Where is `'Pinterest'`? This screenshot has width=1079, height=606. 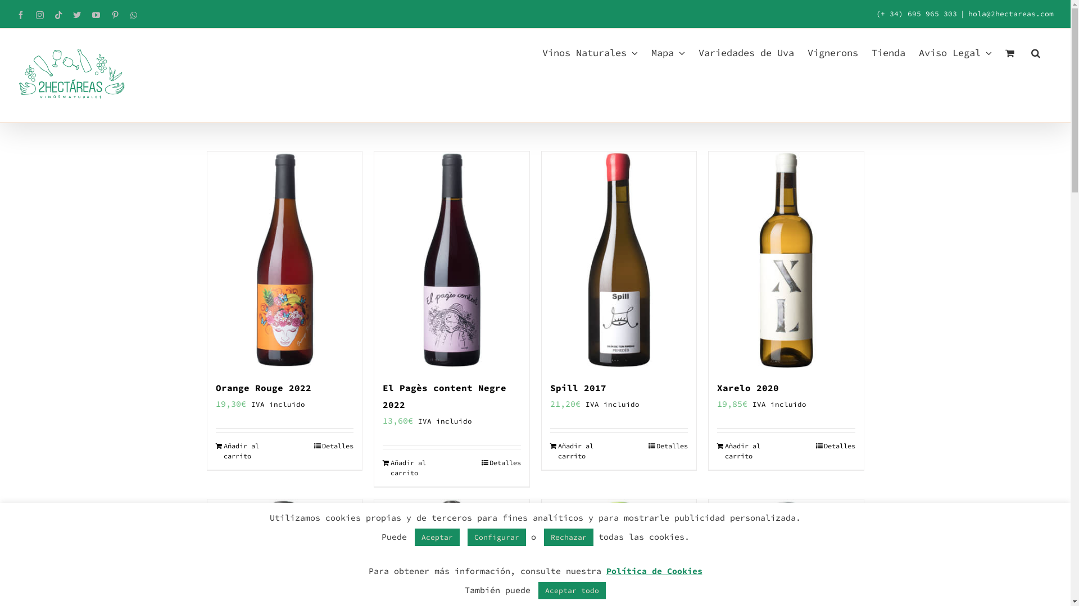 'Pinterest' is located at coordinates (115, 15).